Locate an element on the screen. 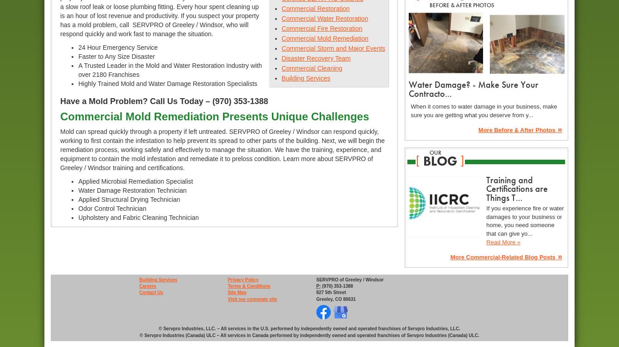  'When it comes to water damage in your business, make sure you are getting what you deserve from y...' is located at coordinates (483, 110).